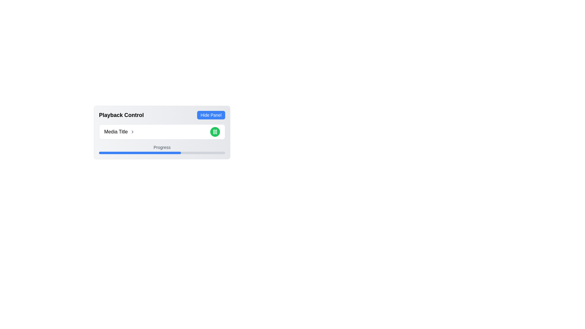 The image size is (585, 329). What do you see at coordinates (116, 131) in the screenshot?
I see `text from the Text Label located in the top-left section of the playback control interface, which denotes the current media item being represented or controlled` at bounding box center [116, 131].